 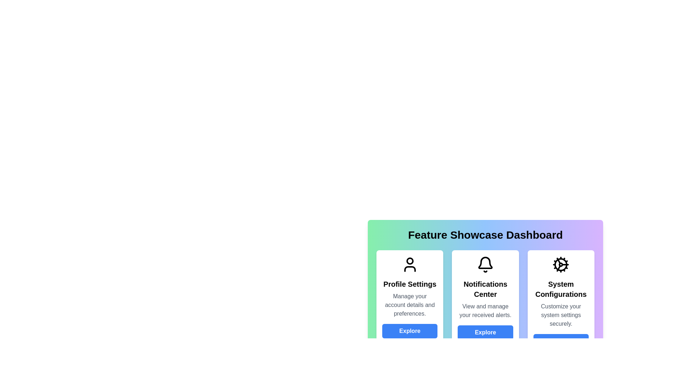 What do you see at coordinates (410, 331) in the screenshot?
I see `the 'Explore' button, which has a bold blue background and white text, located at the bottom of the 'Profile Settings' card` at bounding box center [410, 331].